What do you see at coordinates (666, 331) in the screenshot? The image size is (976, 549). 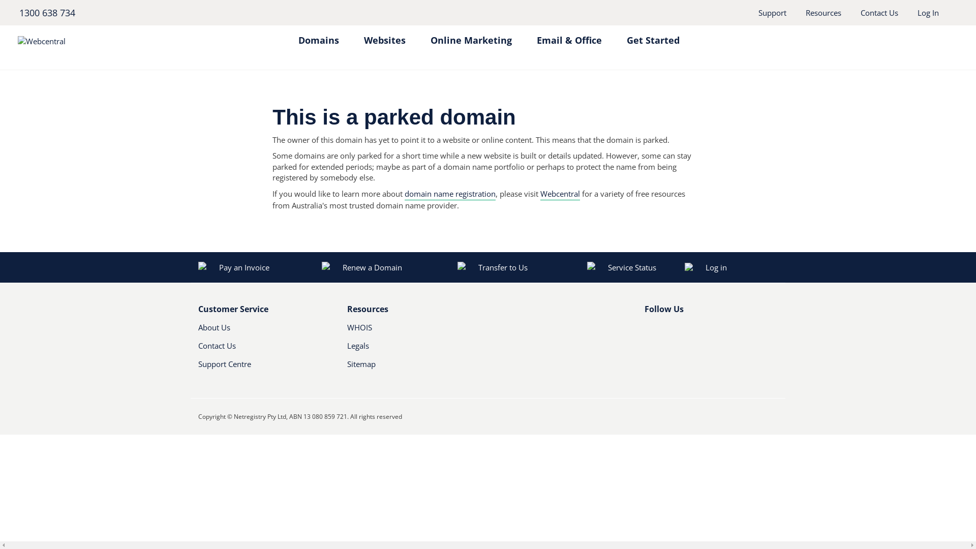 I see `'Twitter'` at bounding box center [666, 331].